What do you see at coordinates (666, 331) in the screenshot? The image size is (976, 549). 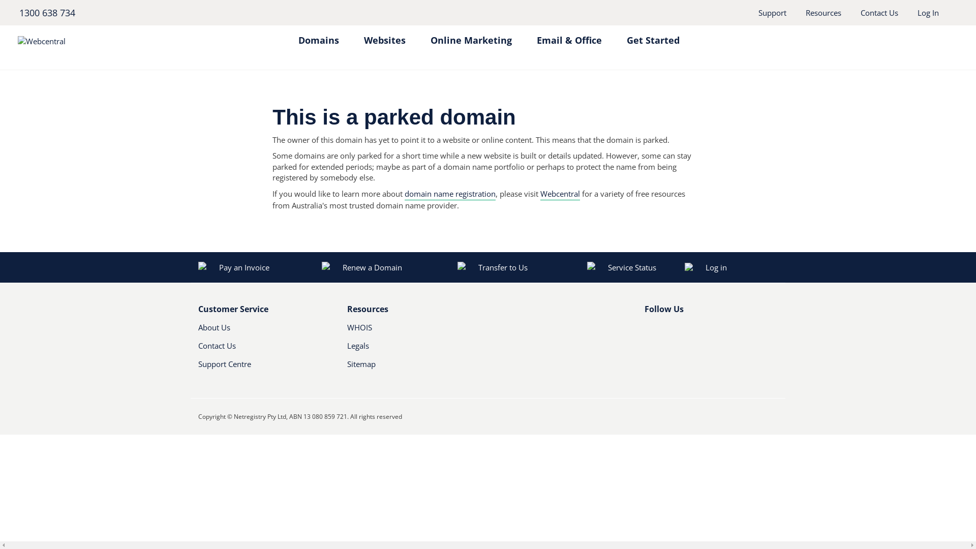 I see `'Twitter'` at bounding box center [666, 331].